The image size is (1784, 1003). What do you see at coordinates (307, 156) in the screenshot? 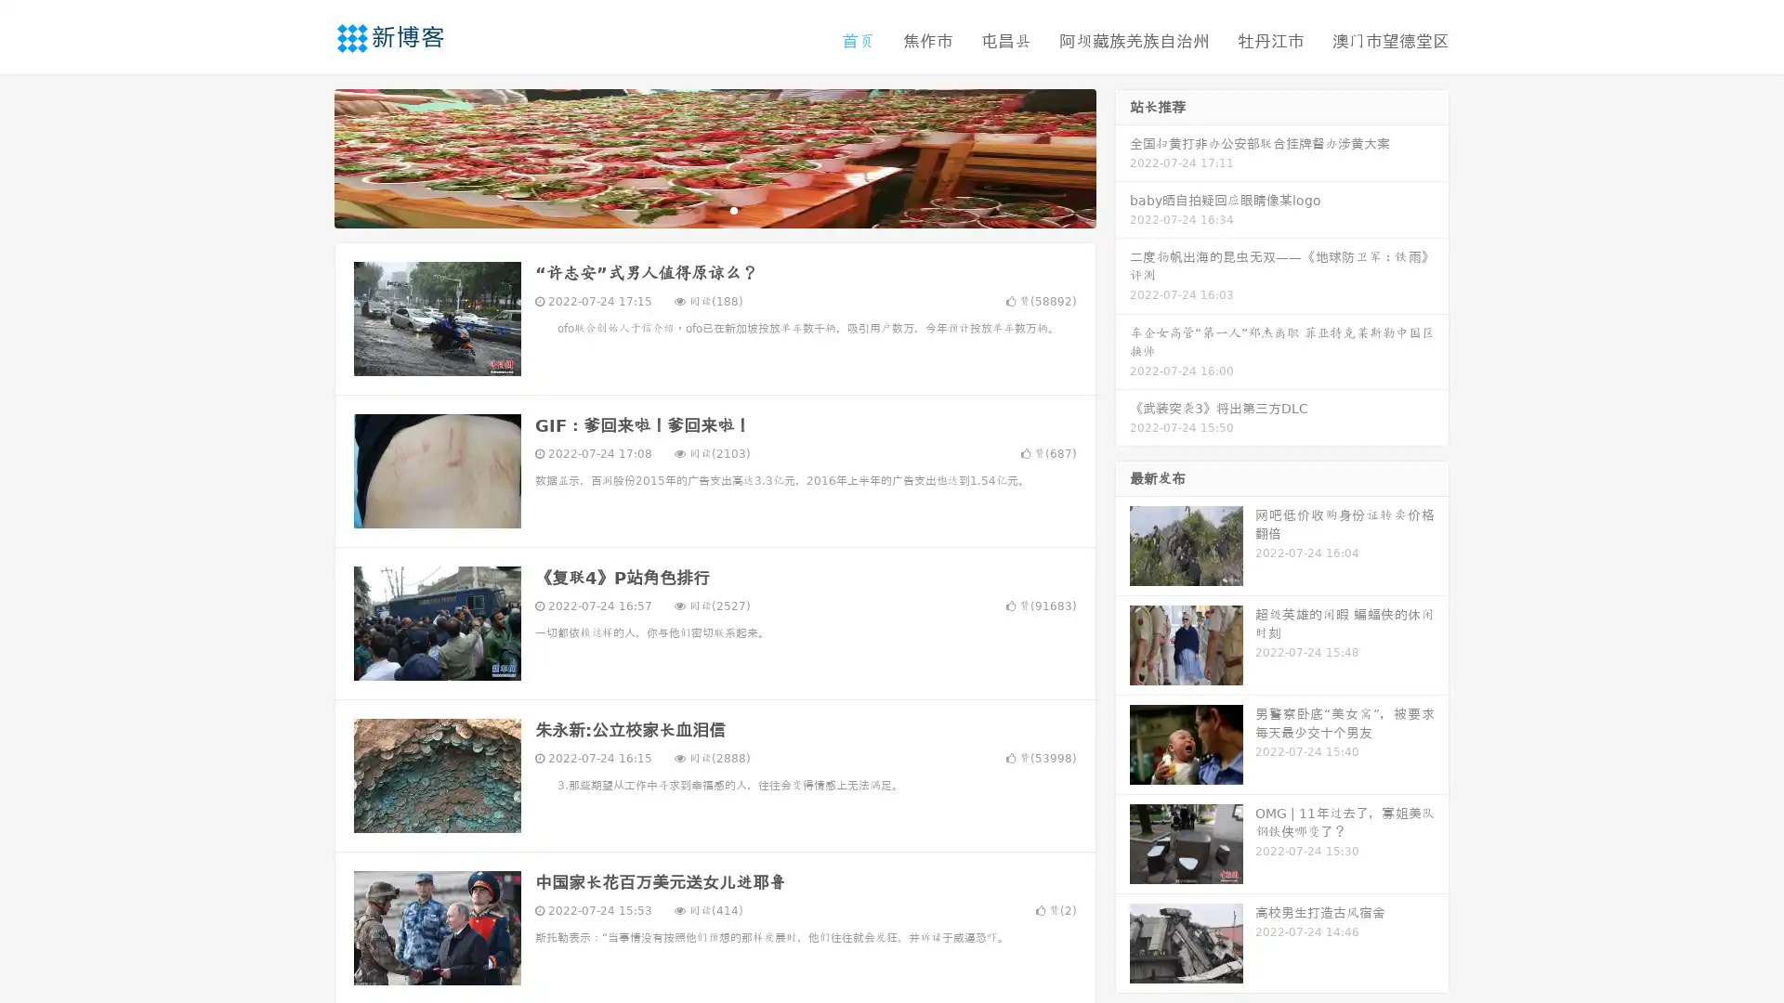
I see `Previous slide` at bounding box center [307, 156].